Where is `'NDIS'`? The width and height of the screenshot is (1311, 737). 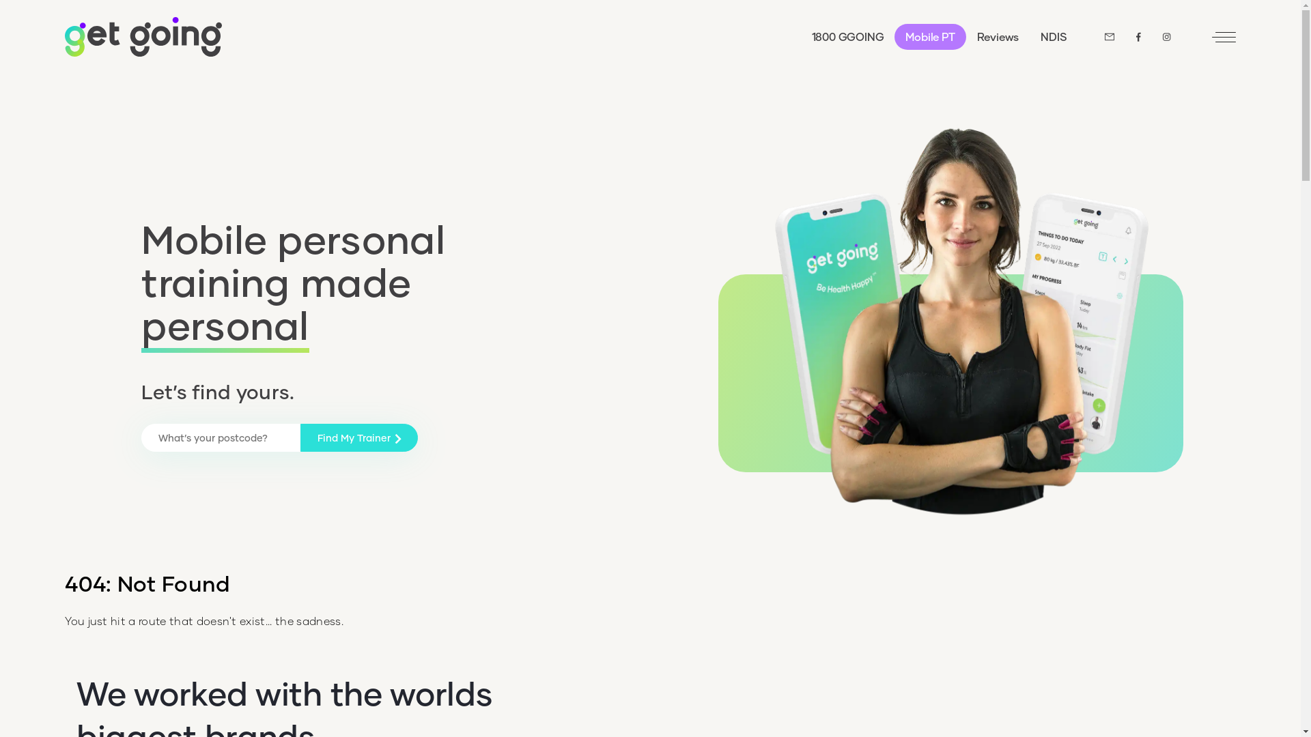
'NDIS' is located at coordinates (1029, 36).